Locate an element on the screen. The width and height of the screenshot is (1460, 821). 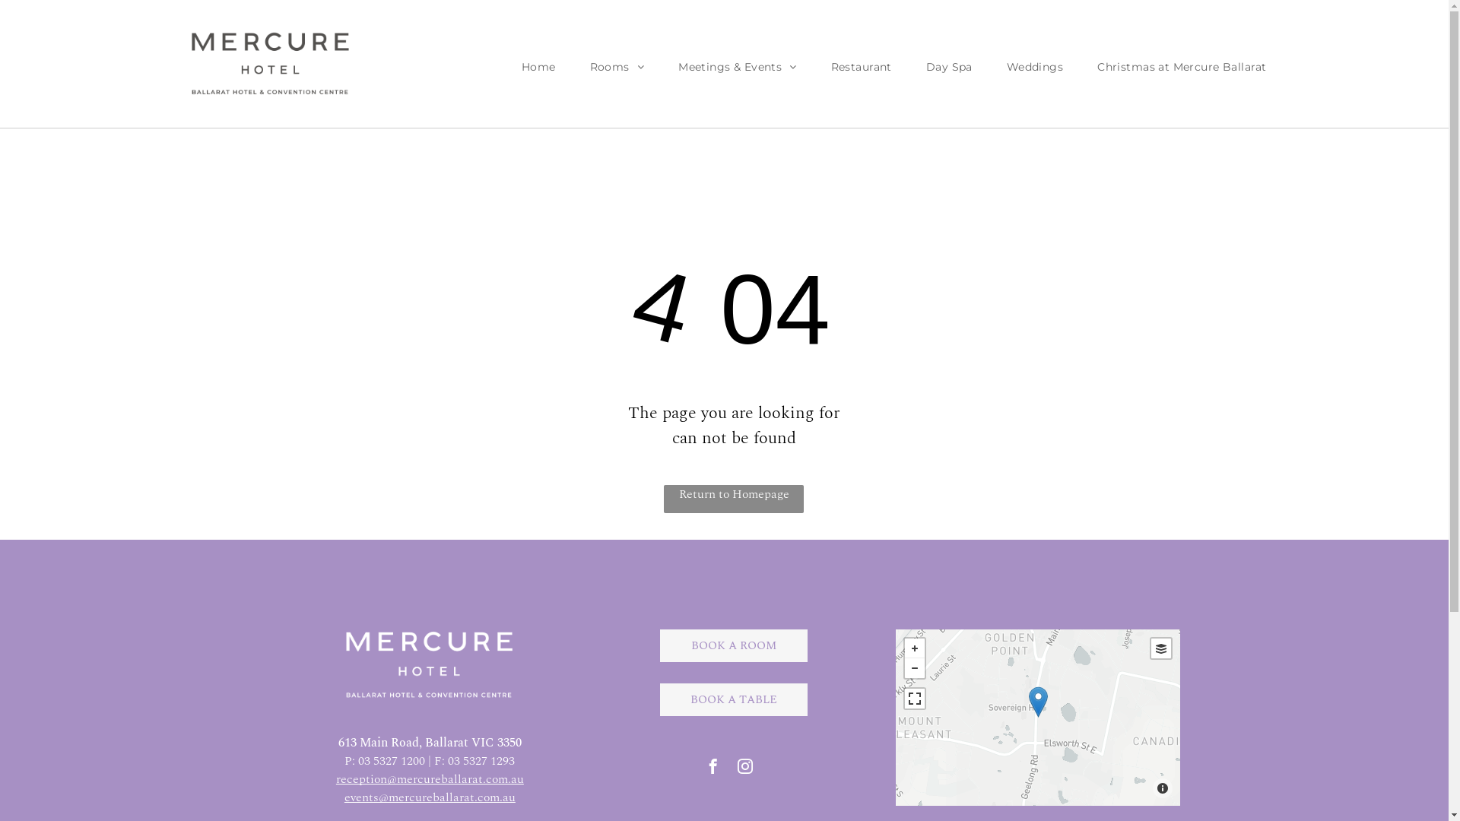
'03 5327 1200' is located at coordinates (391, 761).